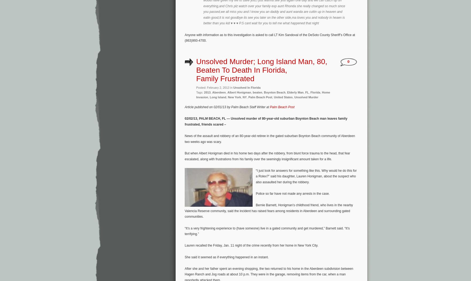 The width and height of the screenshot is (471, 281). Describe the element at coordinates (227, 107) in the screenshot. I see `'Article published on 02/01/13 by Palm Beach Staff Writer at'` at that location.